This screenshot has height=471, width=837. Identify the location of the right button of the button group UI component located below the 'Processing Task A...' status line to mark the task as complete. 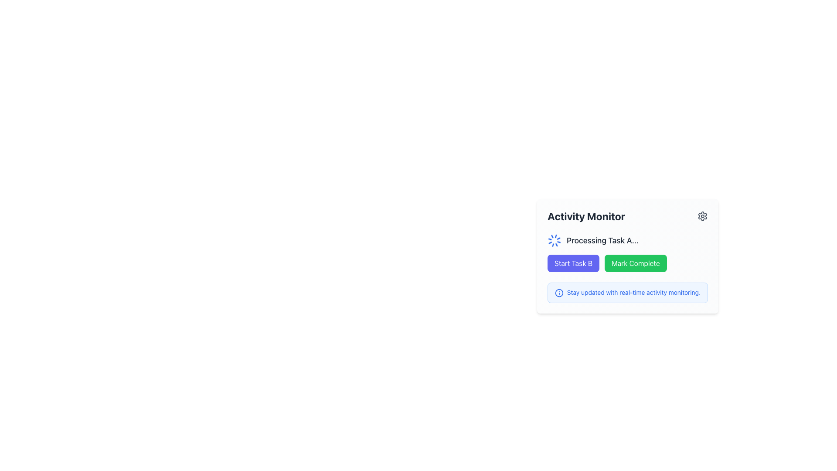
(628, 263).